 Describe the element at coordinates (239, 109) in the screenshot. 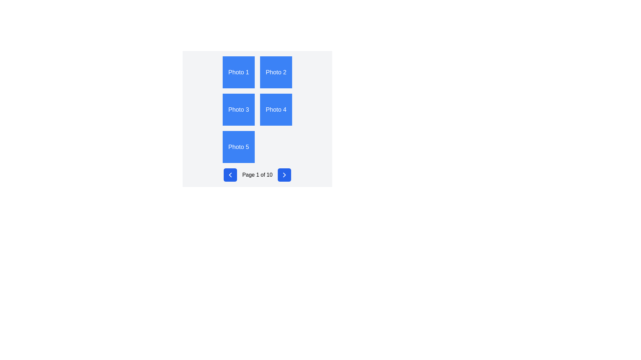

I see `the blue square button labeled 'Photo 3' with white text, located in the middle row of the grid layout` at that location.